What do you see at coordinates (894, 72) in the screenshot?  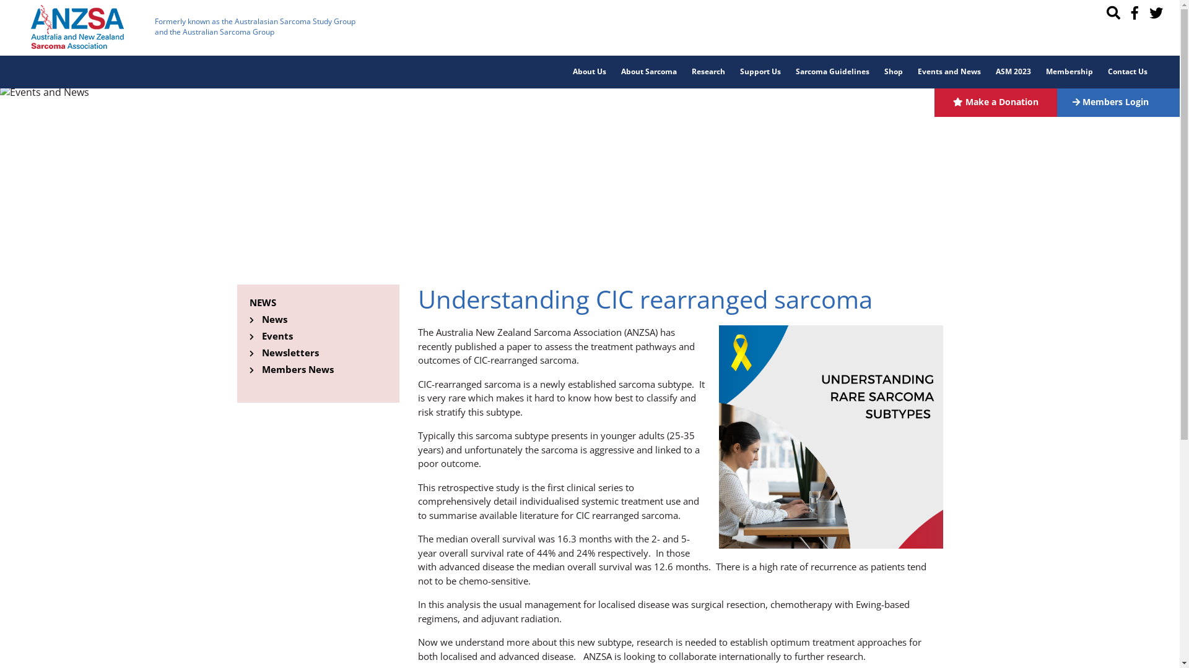 I see `'Shop'` at bounding box center [894, 72].